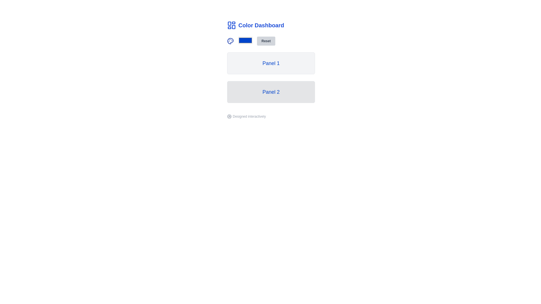 The image size is (541, 304). I want to click on the 'Panel 1', so click(271, 63).